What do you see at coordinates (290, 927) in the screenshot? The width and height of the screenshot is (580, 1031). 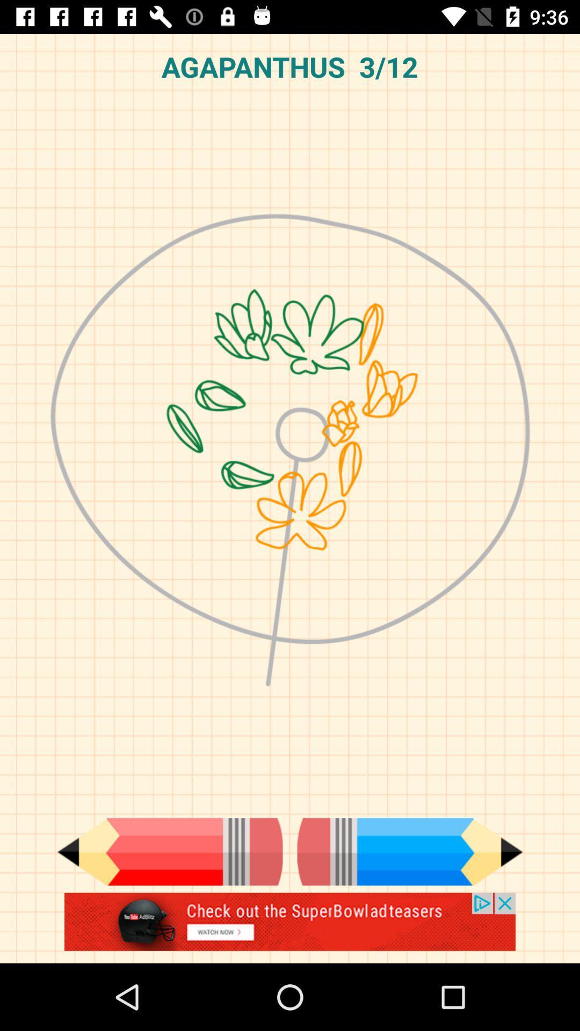 I see `advertisement` at bounding box center [290, 927].